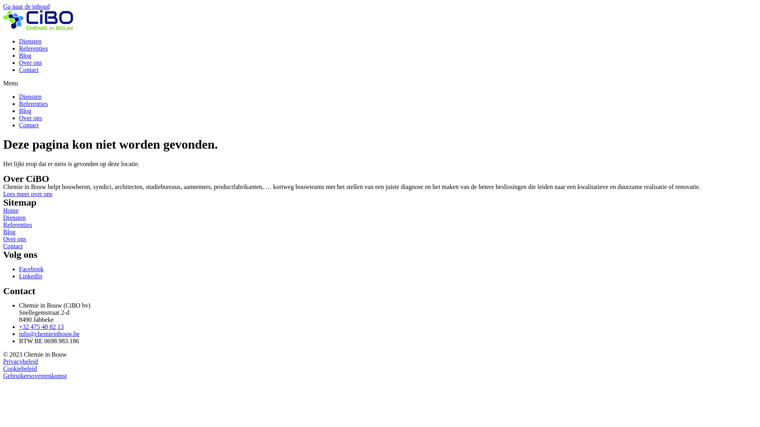 This screenshot has width=760, height=427. I want to click on 'Referenties', so click(33, 48).